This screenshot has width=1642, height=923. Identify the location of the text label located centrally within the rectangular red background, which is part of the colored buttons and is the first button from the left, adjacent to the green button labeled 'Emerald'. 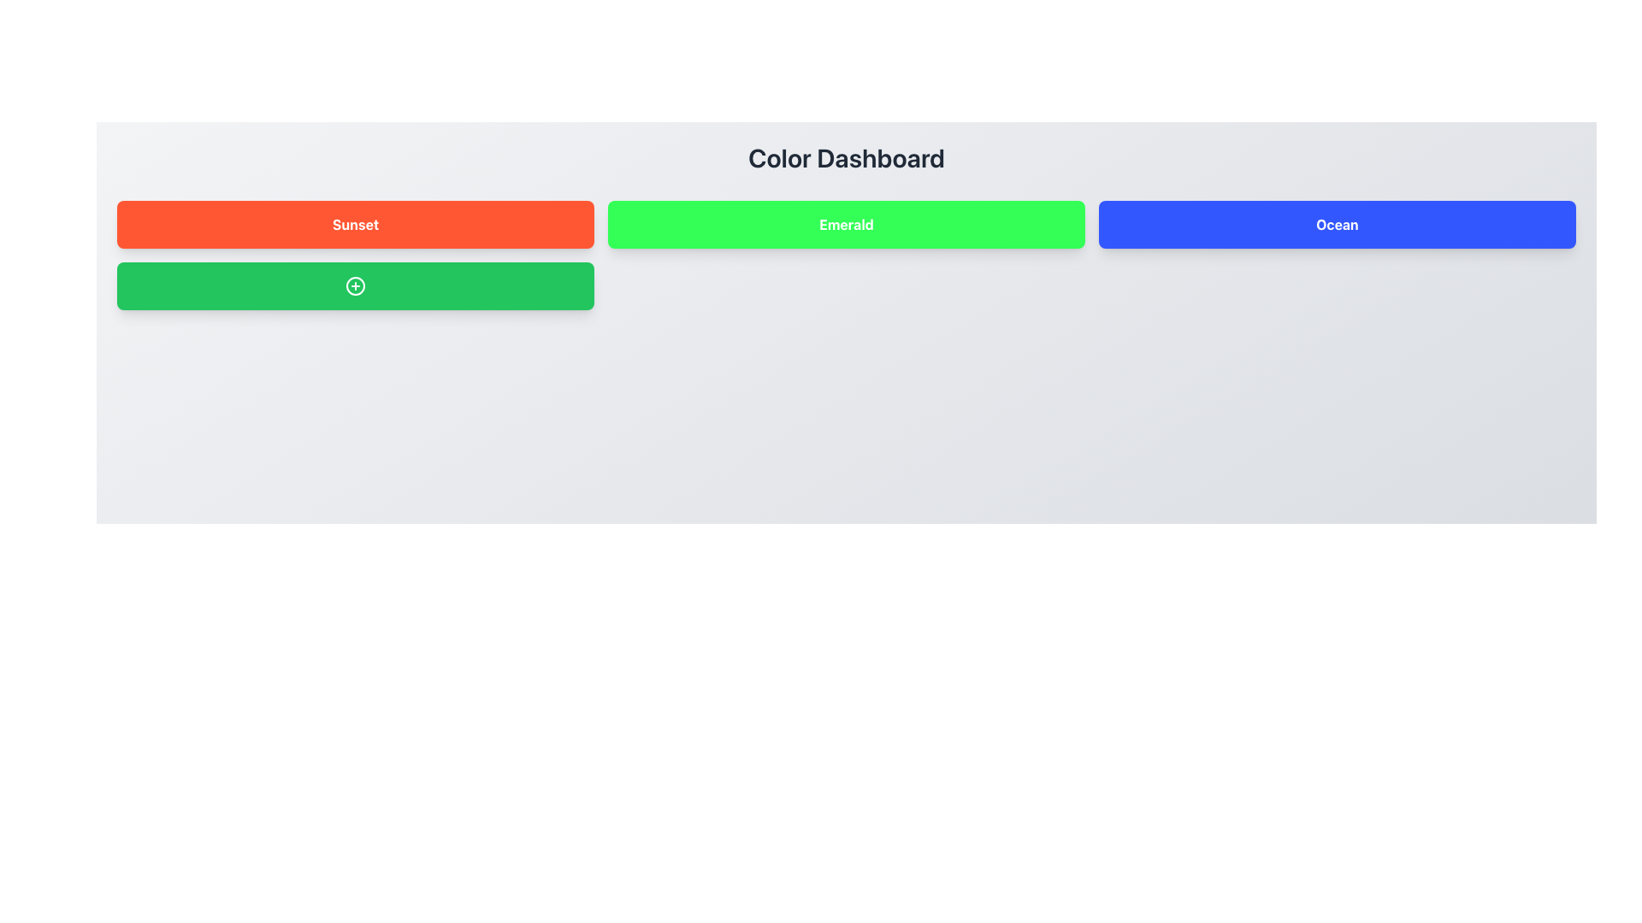
(355, 223).